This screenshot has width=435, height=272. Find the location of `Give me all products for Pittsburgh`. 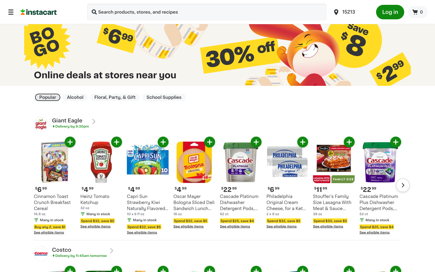

Give me all products for Pittsburgh is located at coordinates (351, 11).